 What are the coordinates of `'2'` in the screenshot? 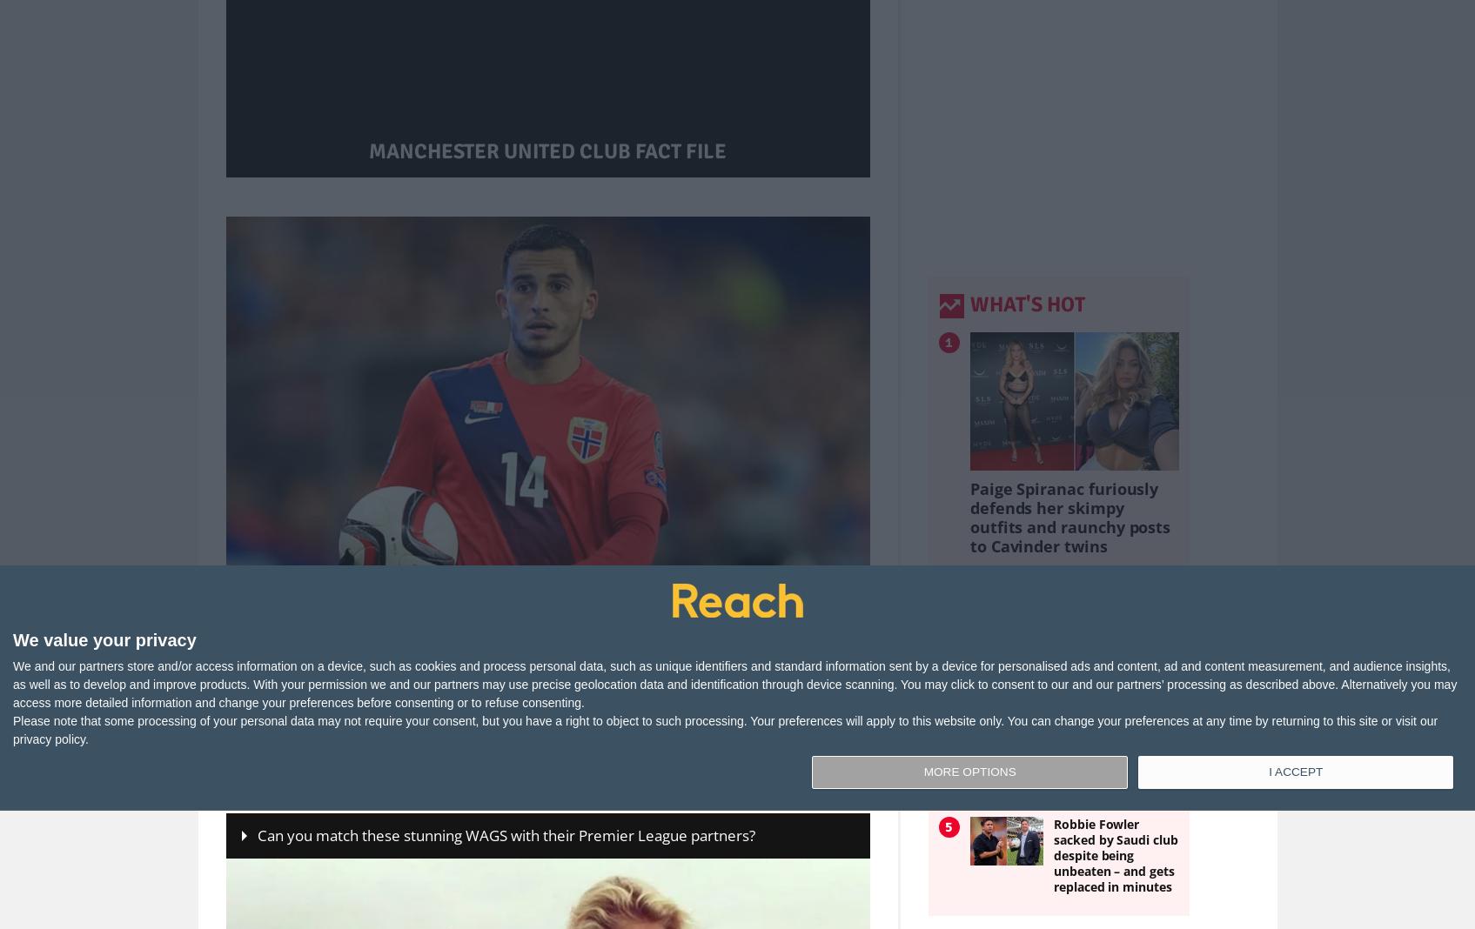 It's located at (949, 576).